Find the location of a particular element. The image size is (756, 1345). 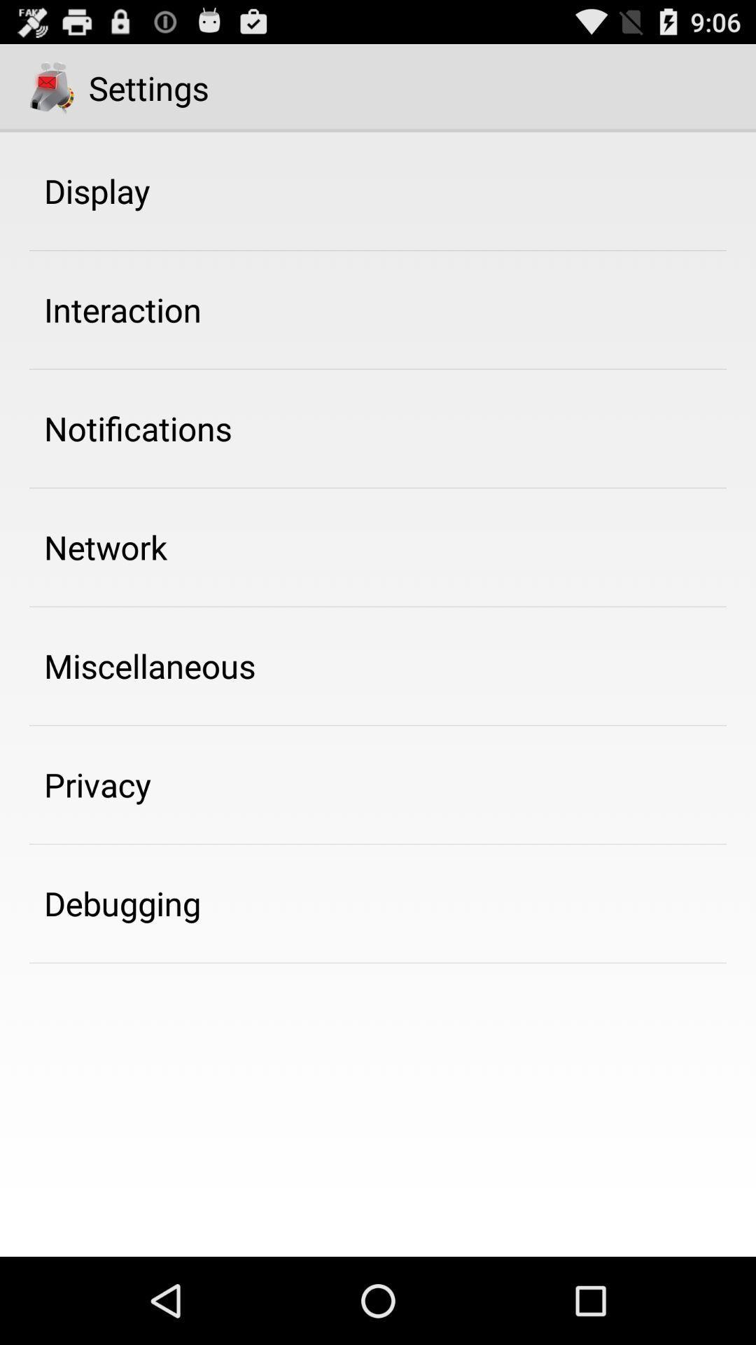

the display item is located at coordinates (96, 190).